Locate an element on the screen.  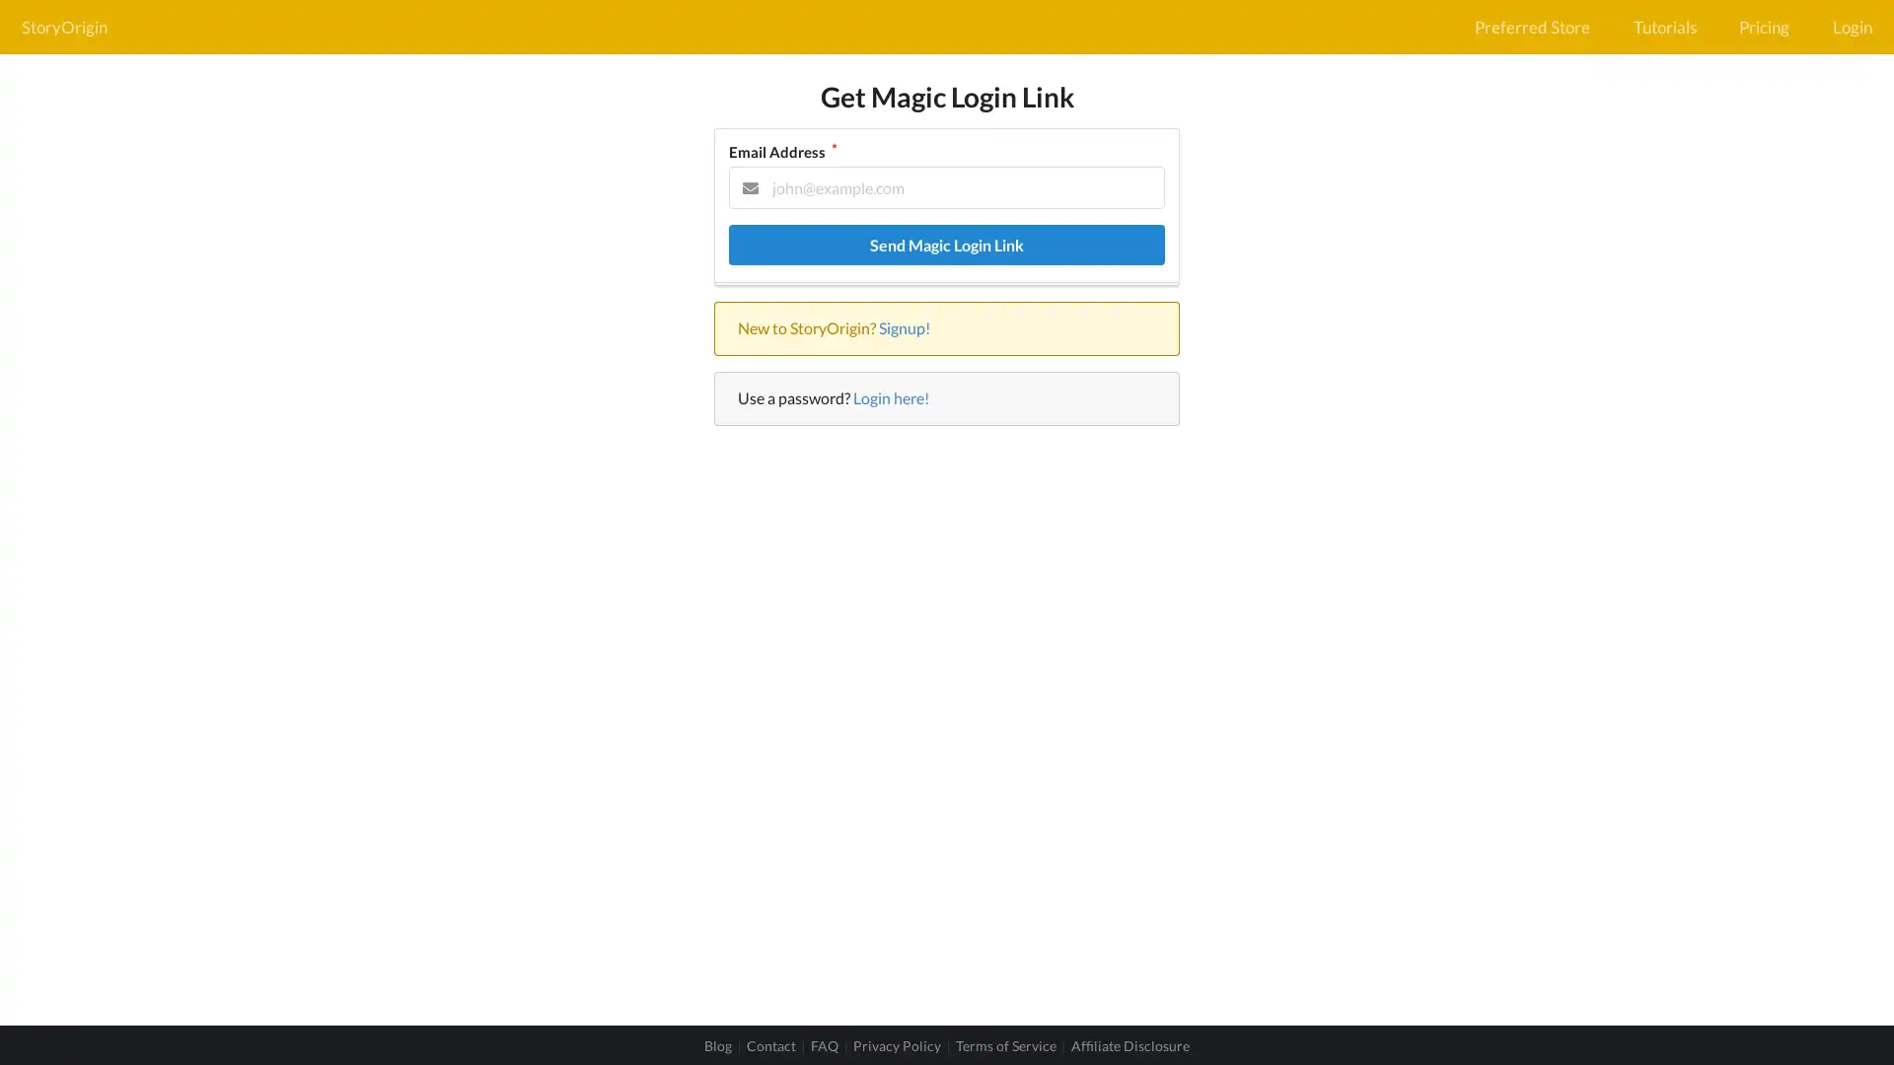
Send Magic Login Link is located at coordinates (947, 244).